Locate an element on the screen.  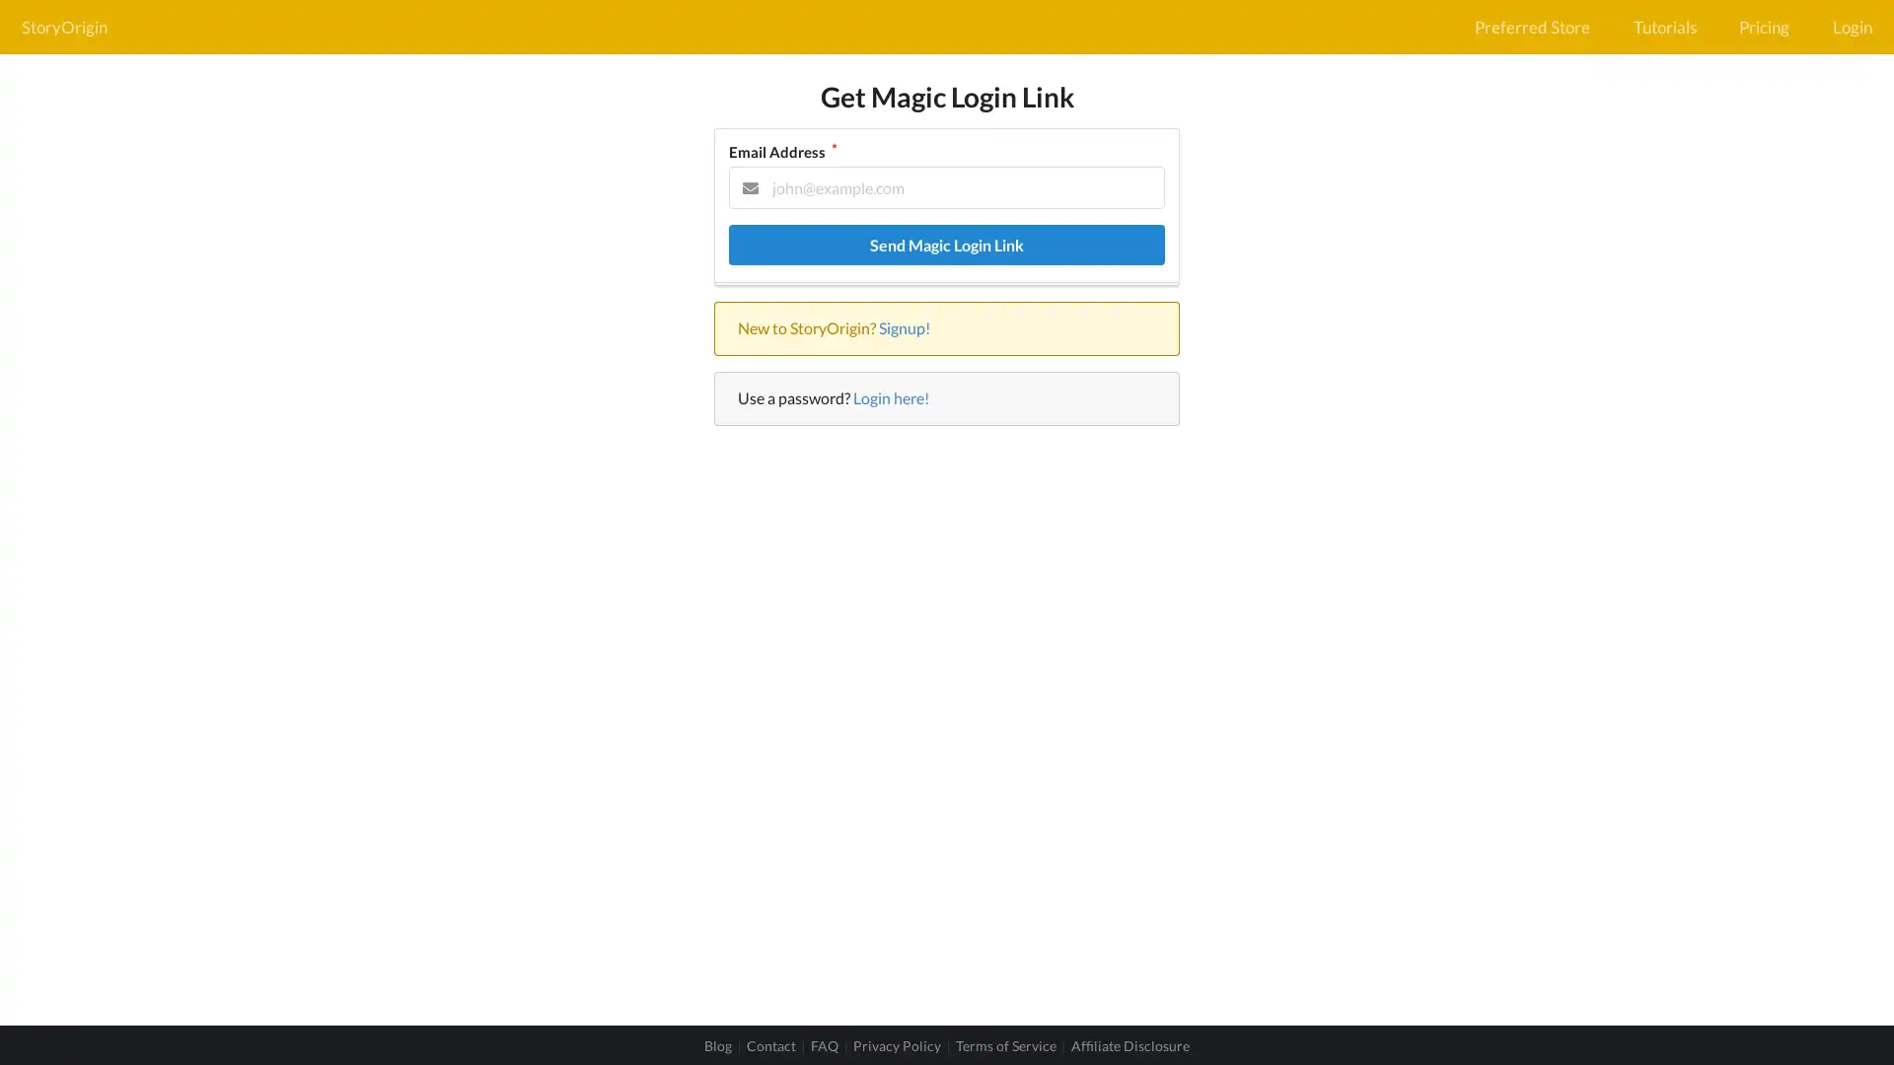
Send Magic Login Link is located at coordinates (947, 244).